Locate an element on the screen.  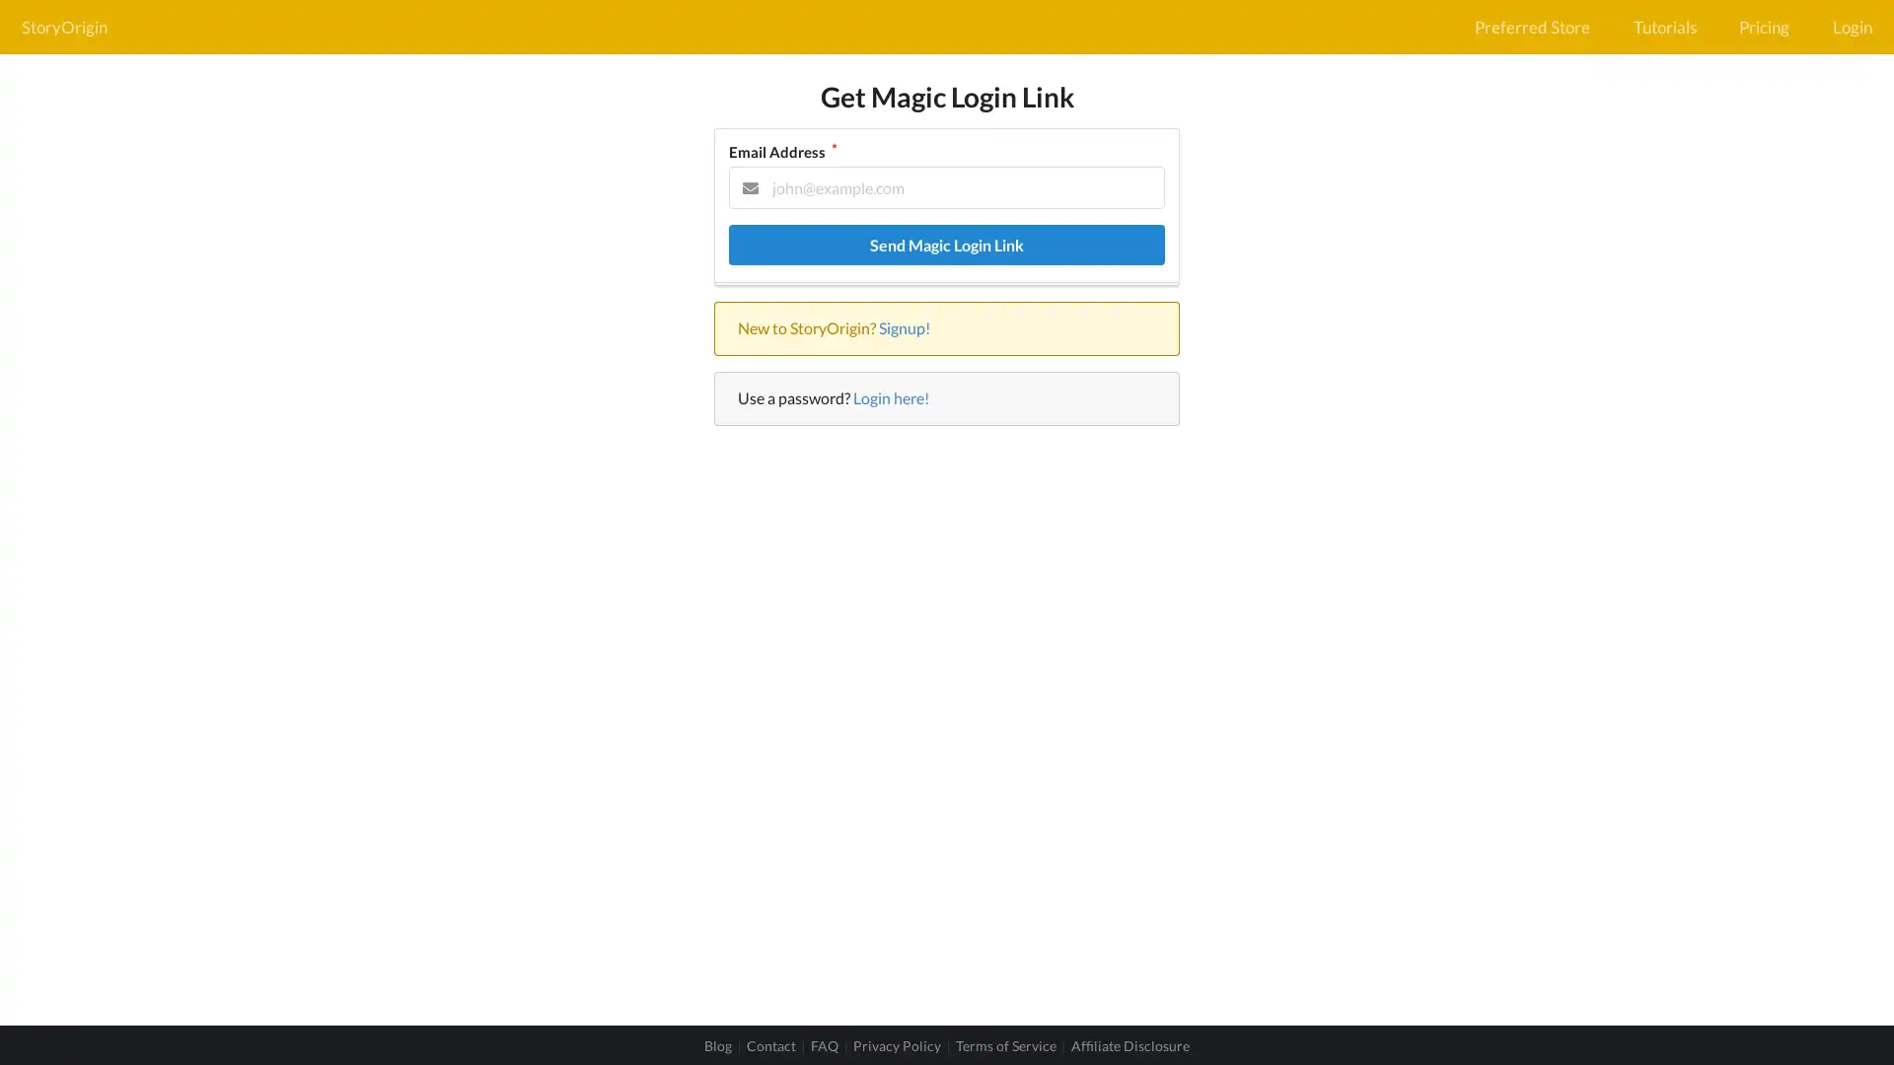
Send Magic Login Link is located at coordinates (947, 244).